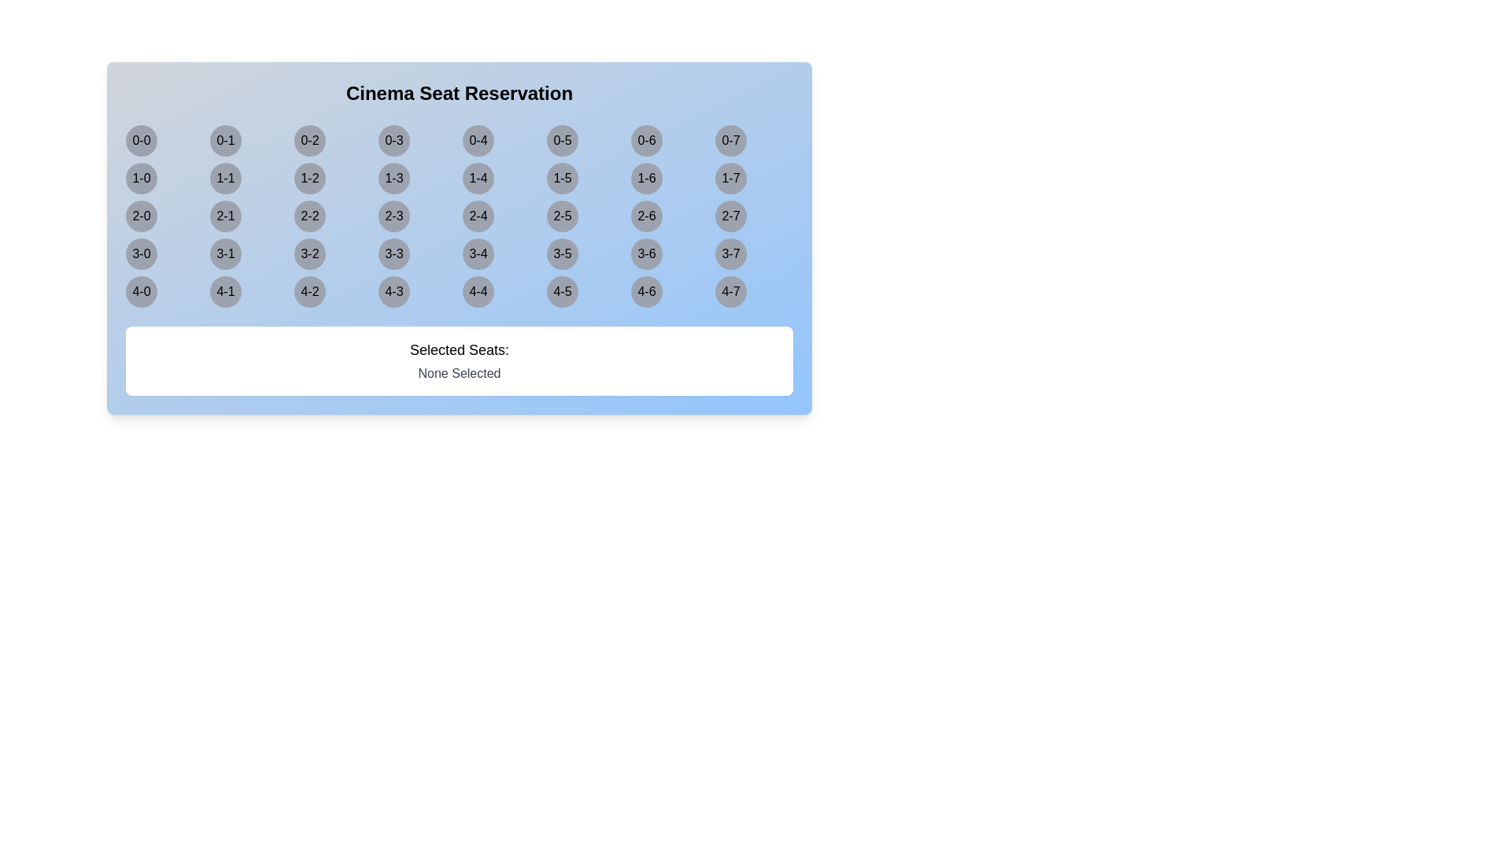 The image size is (1511, 850). Describe the element at coordinates (730, 216) in the screenshot. I see `the button labeled '2-7'` at that location.